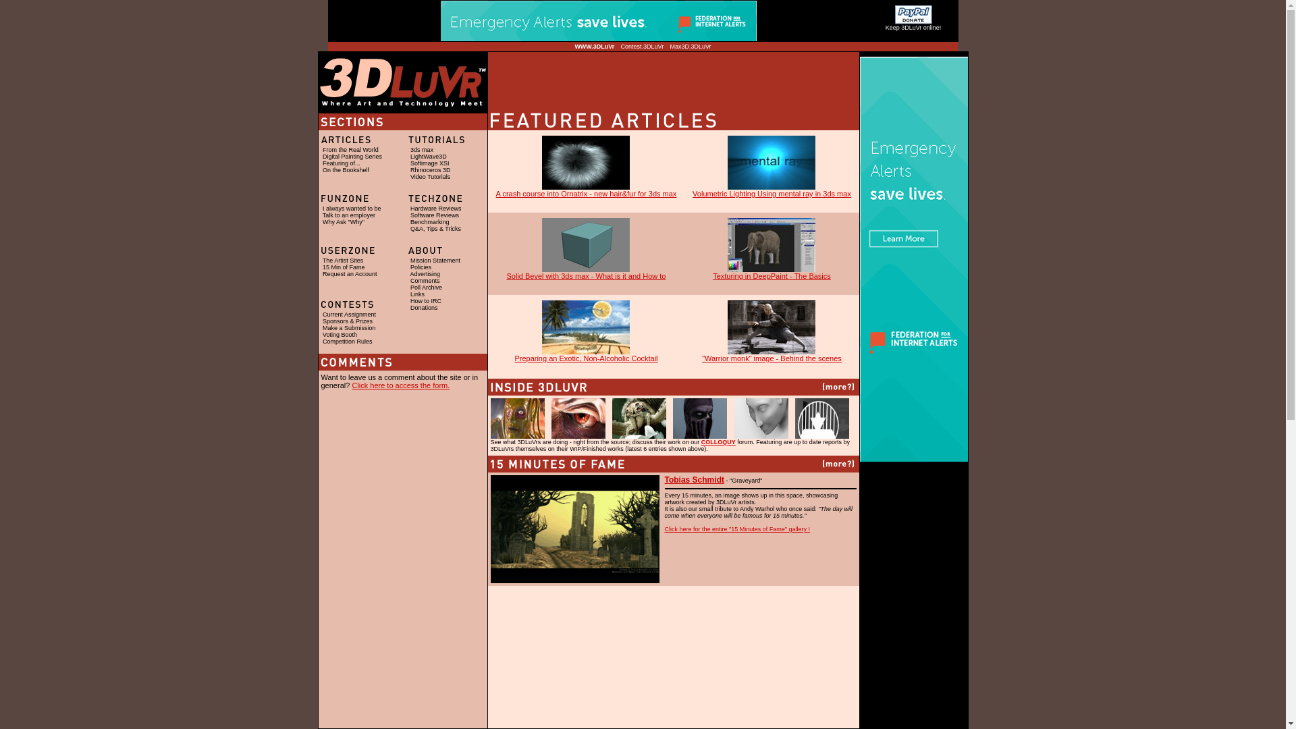 The height and width of the screenshot is (729, 1296). What do you see at coordinates (702, 354) in the screenshot?
I see `'"Warrior monk" image - Behind the scenes'` at bounding box center [702, 354].